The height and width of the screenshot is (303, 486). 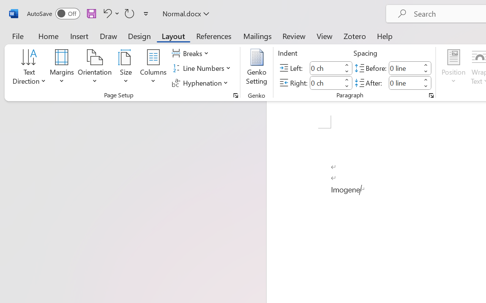 What do you see at coordinates (202, 68) in the screenshot?
I see `'Line Numbers'` at bounding box center [202, 68].